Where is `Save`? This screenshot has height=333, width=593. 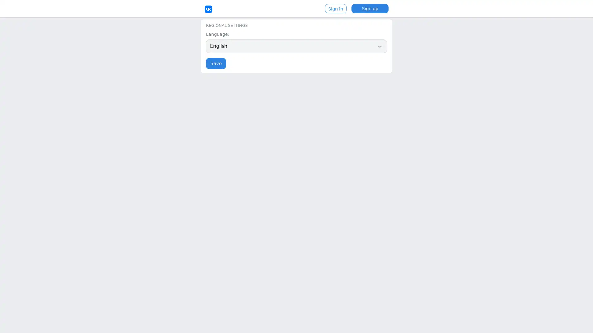
Save is located at coordinates (216, 63).